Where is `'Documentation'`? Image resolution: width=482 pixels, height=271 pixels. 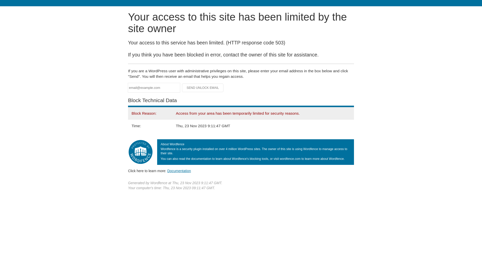 'Documentation' is located at coordinates (179, 171).